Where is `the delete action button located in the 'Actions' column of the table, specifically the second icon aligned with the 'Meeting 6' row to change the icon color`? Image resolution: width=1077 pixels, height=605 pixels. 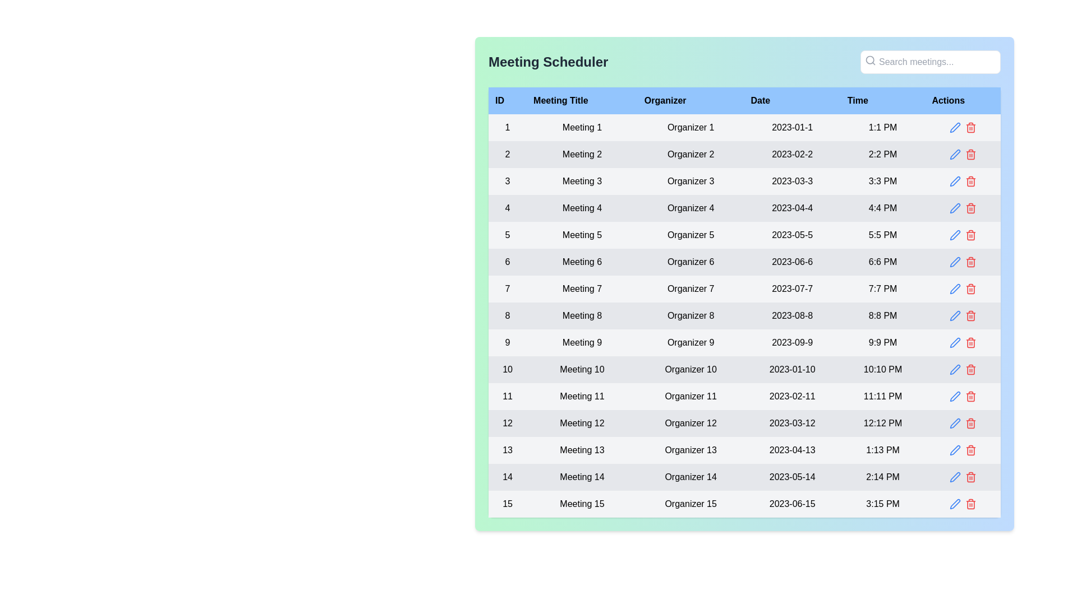
the delete action button located in the 'Actions' column of the table, specifically the second icon aligned with the 'Meeting 6' row to change the icon color is located at coordinates (970, 262).